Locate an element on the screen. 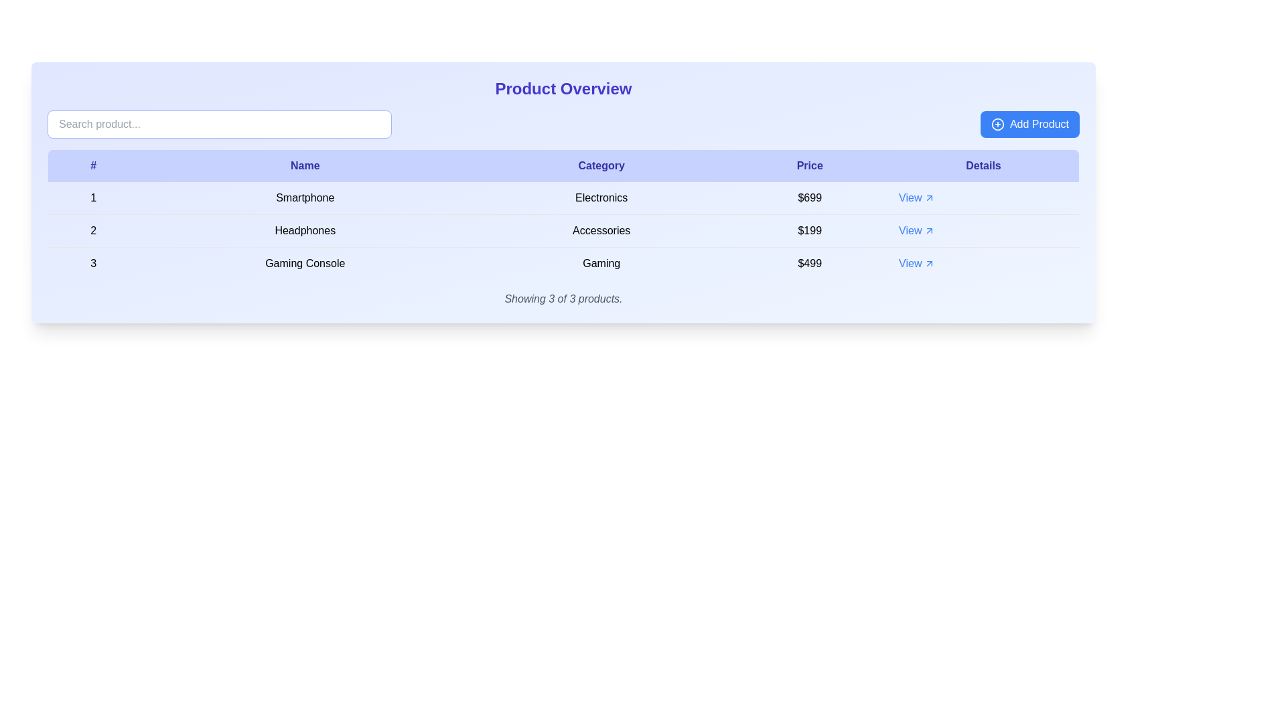 This screenshot has width=1286, height=723. the price label indicating the cost of the 'Smartphone' product, located in the fourth cell of the first row under the 'Price' column is located at coordinates (809, 198).